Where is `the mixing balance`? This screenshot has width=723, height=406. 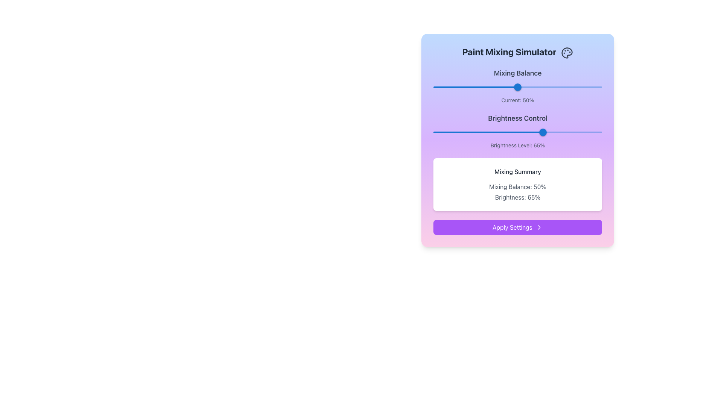
the mixing balance is located at coordinates (545, 86).